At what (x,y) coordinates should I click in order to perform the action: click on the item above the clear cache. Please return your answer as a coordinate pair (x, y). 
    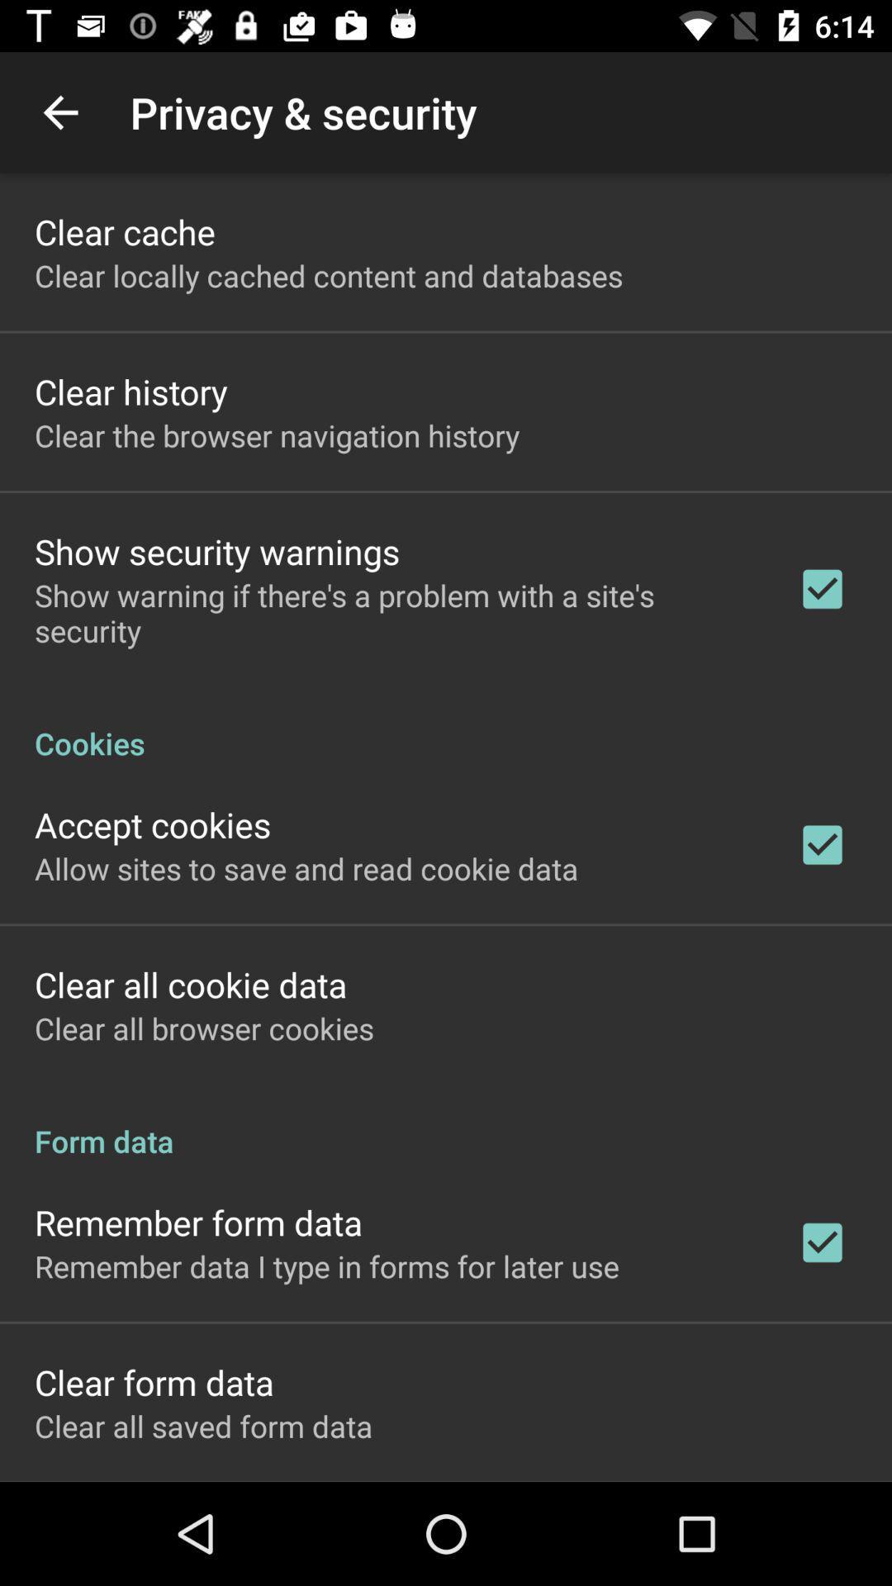
    Looking at the image, I should click on (59, 112).